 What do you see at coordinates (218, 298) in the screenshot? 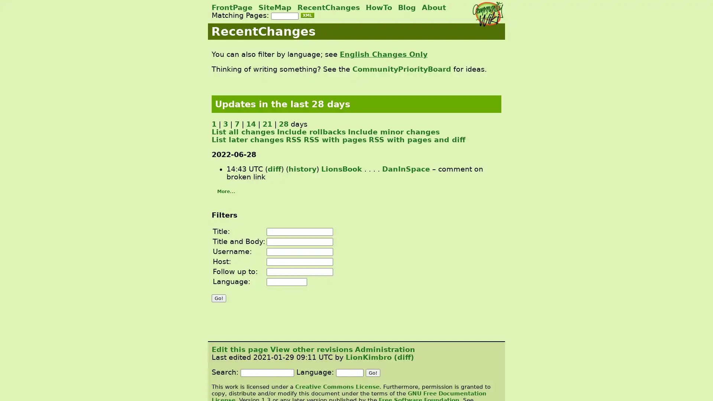
I see `Go!` at bounding box center [218, 298].